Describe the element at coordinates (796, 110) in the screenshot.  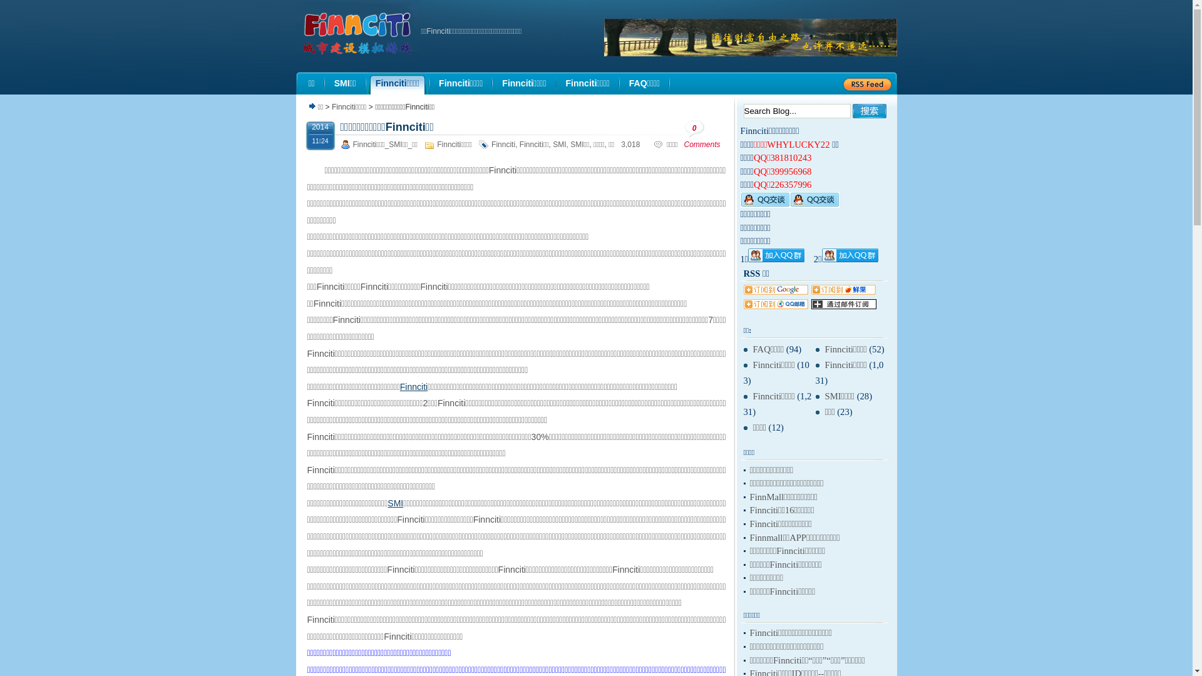
I see `'Search Blog...'` at that location.